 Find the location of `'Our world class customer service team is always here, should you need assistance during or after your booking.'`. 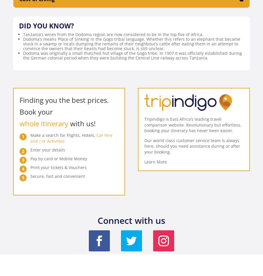

'Our world class customer service team is always here, should you need assistance during or after your booking.' is located at coordinates (192, 146).